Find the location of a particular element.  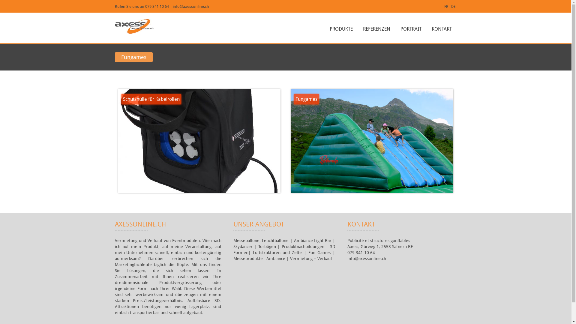

'info@axessonline.ch' is located at coordinates (190, 6).